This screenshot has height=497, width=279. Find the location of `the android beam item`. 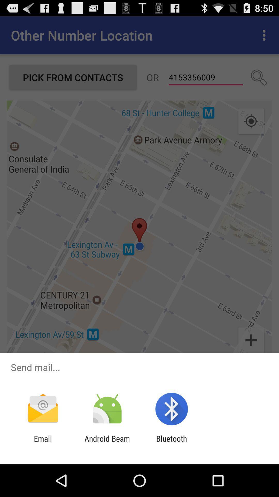

the android beam item is located at coordinates (107, 443).